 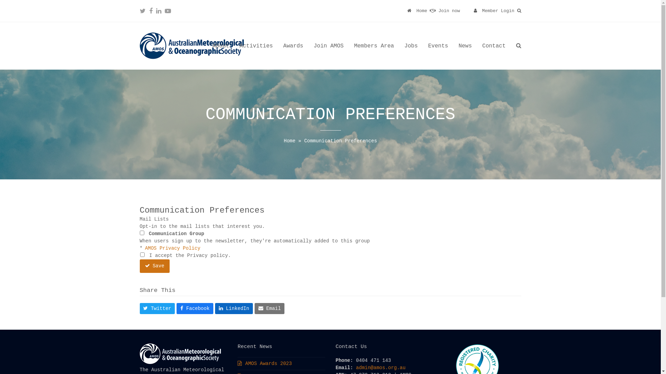 What do you see at coordinates (154, 265) in the screenshot?
I see `'Save'` at bounding box center [154, 265].